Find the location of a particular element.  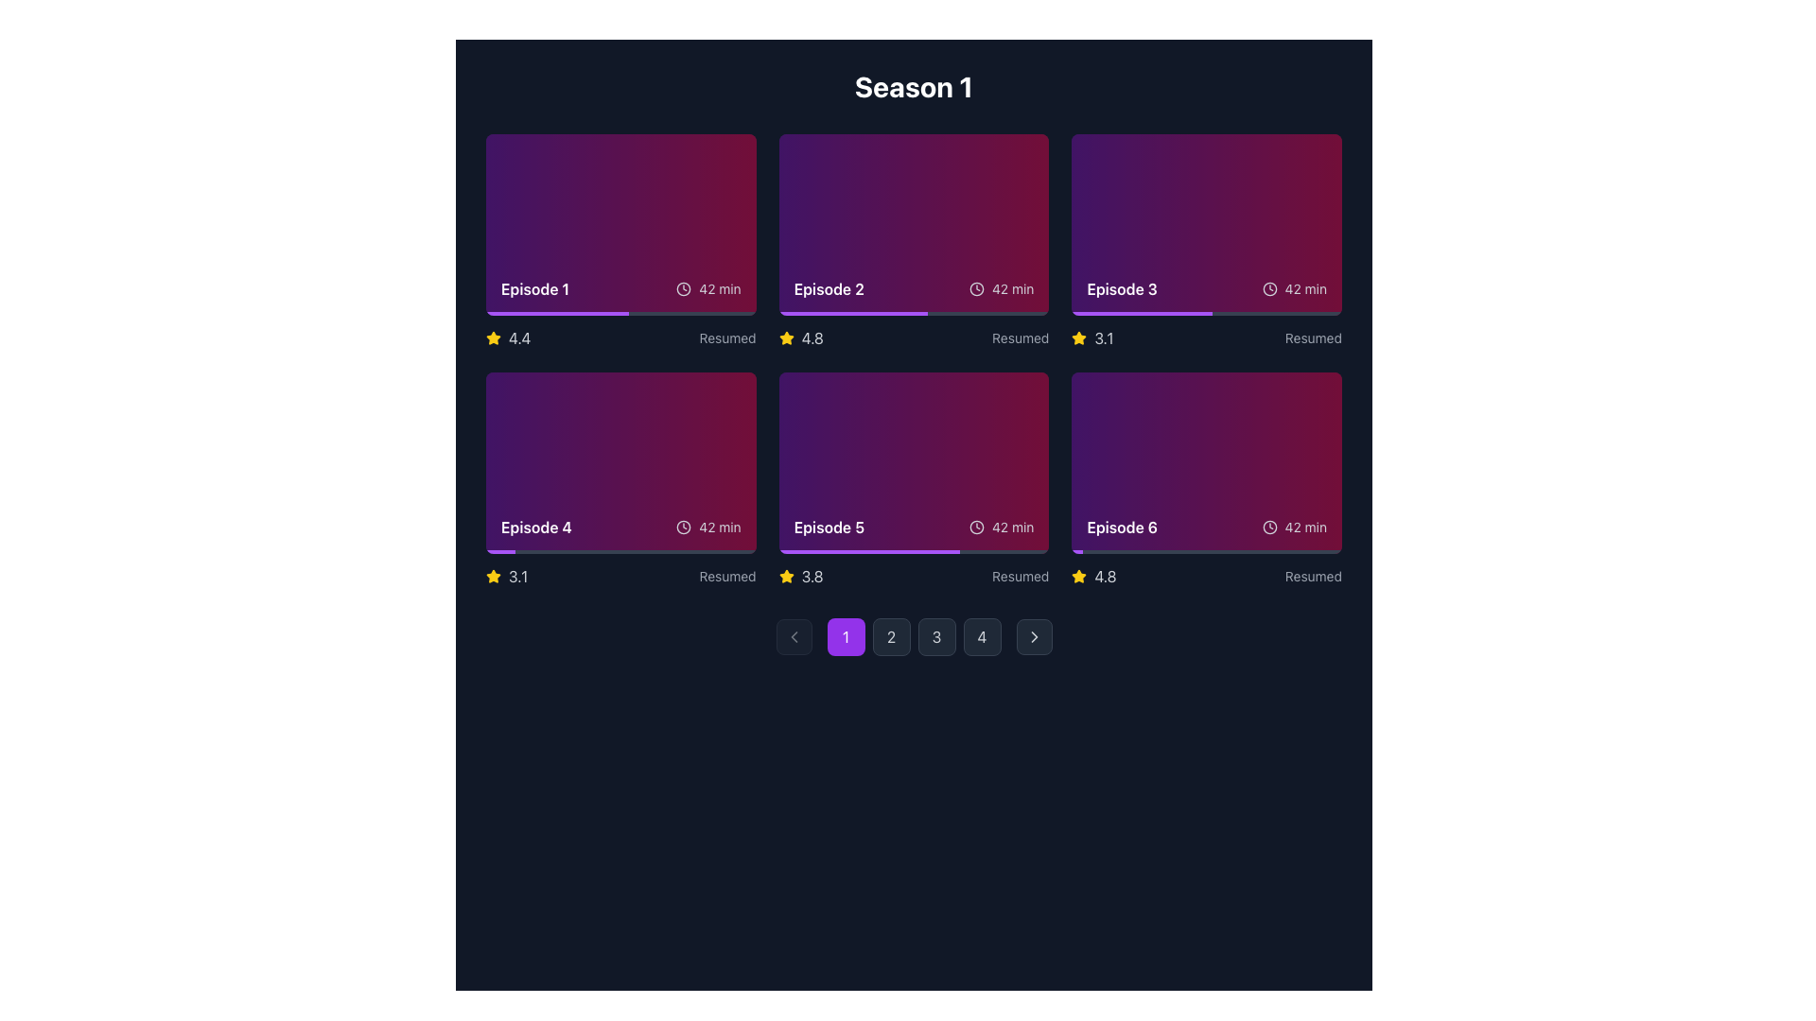

the clock icon located to the left of the text '42 min' inside the 'Episode 6' card in the bottom-right section of the layout is located at coordinates (1269, 528).